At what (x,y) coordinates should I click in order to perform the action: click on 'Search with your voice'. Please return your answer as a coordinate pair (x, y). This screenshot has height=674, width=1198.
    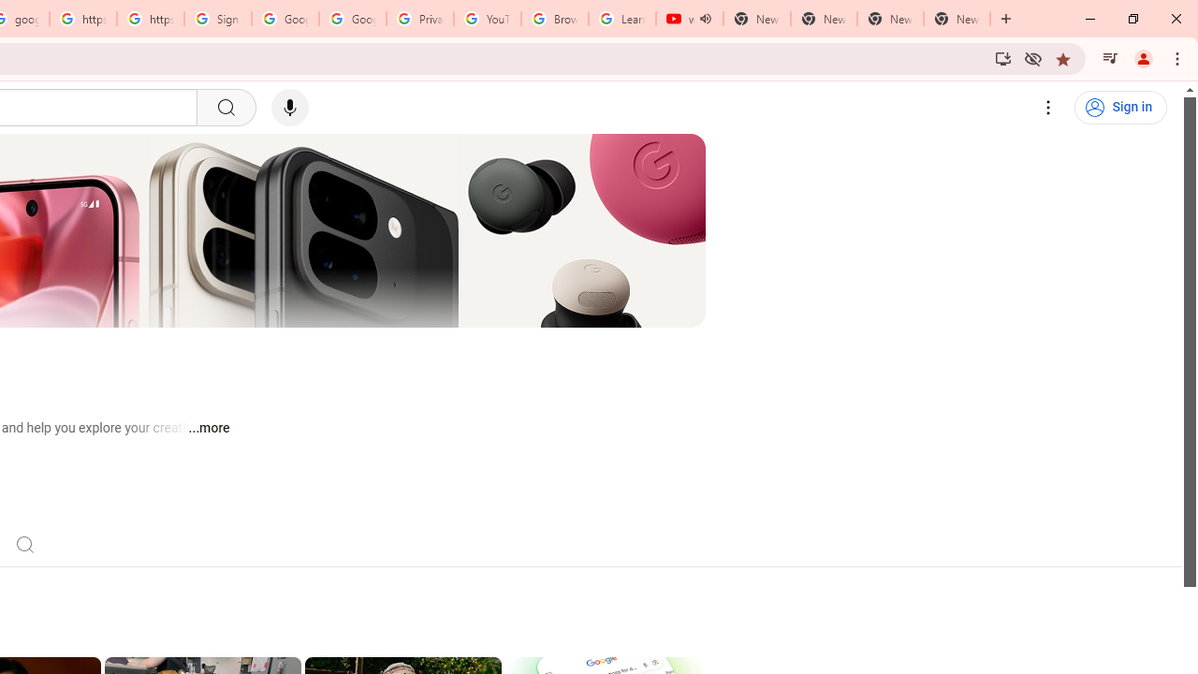
    Looking at the image, I should click on (288, 108).